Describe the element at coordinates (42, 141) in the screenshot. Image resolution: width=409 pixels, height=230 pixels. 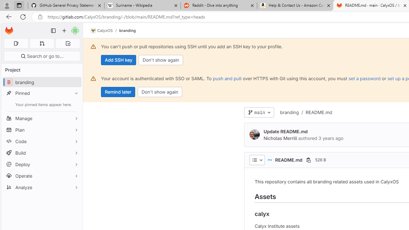
I see `'Code'` at that location.